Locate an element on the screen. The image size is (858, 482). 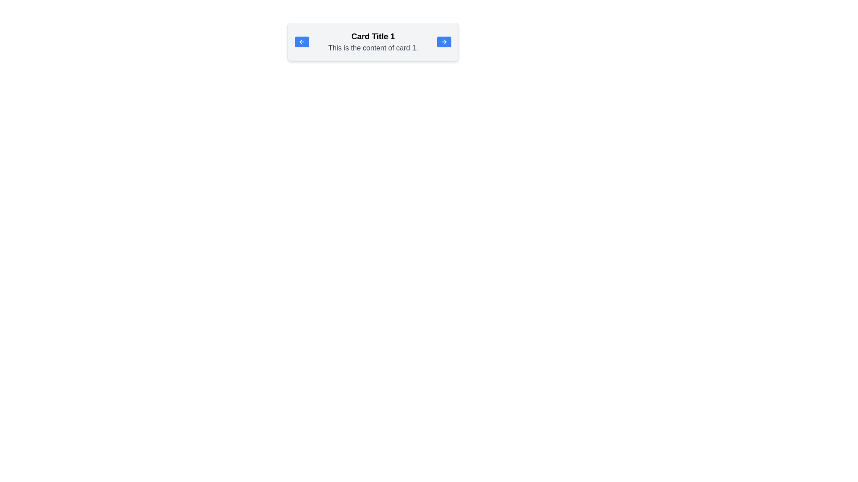
the small left-pointing arrow icon located on the left side of the button in the rectangular card layout is located at coordinates (301, 42).